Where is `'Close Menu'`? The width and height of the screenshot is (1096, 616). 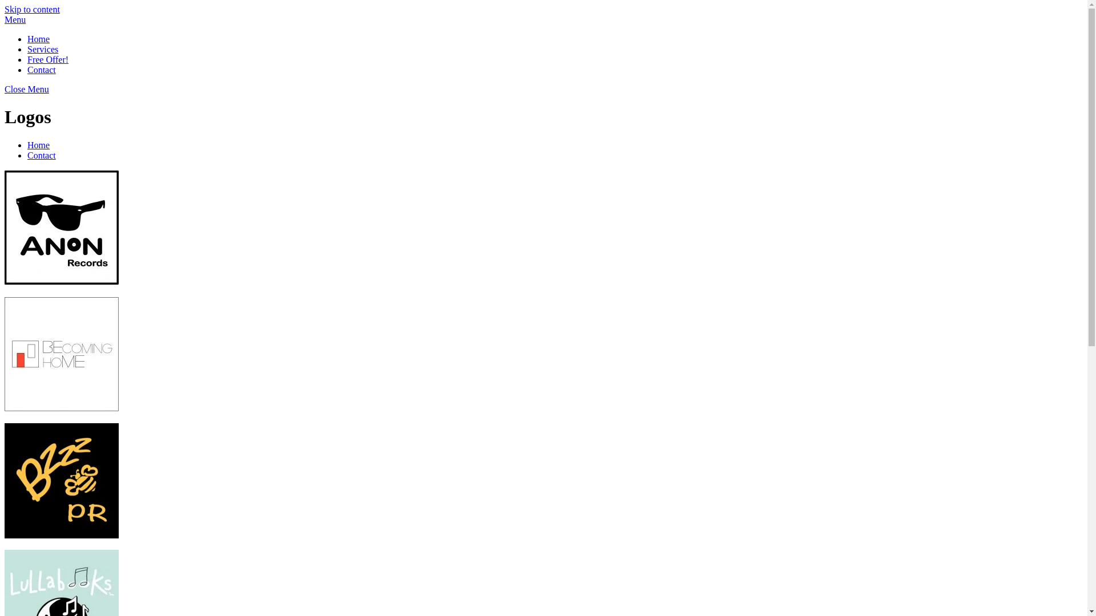
'Close Menu' is located at coordinates (27, 88).